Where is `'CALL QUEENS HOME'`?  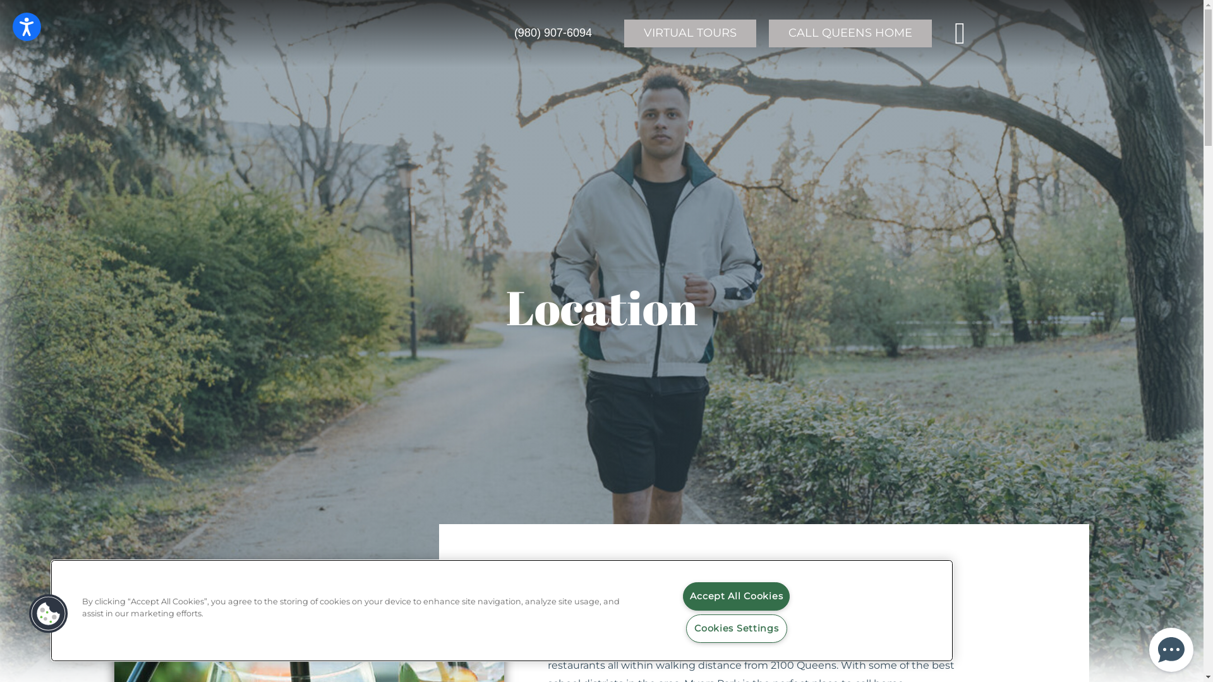 'CALL QUEENS HOME' is located at coordinates (768, 33).